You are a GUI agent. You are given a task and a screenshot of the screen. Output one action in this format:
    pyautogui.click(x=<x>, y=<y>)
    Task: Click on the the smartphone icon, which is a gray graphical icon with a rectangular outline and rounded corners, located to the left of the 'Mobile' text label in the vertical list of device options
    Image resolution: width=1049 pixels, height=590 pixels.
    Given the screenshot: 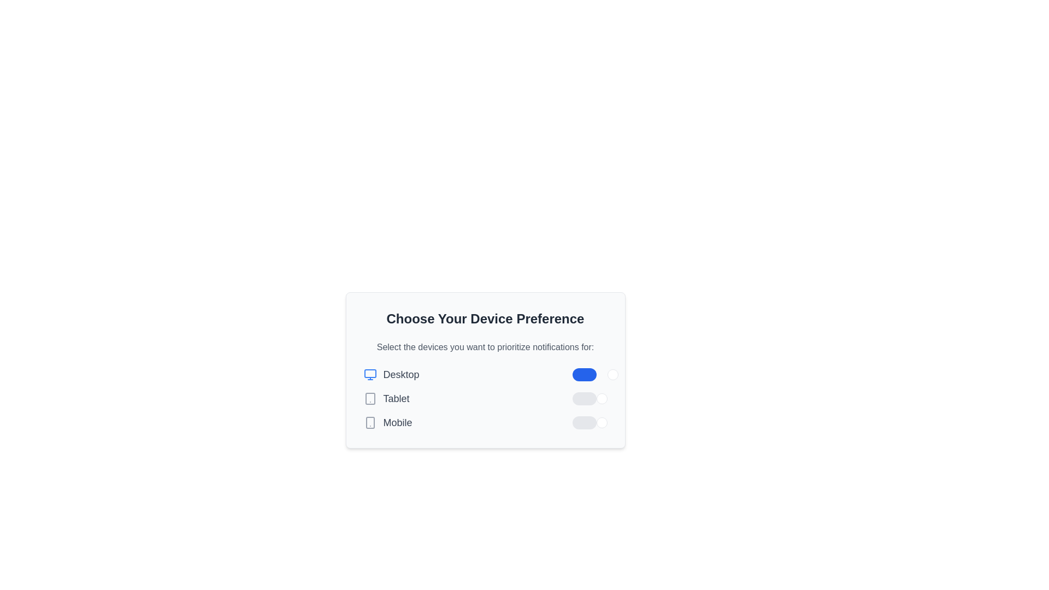 What is the action you would take?
    pyautogui.click(x=370, y=422)
    